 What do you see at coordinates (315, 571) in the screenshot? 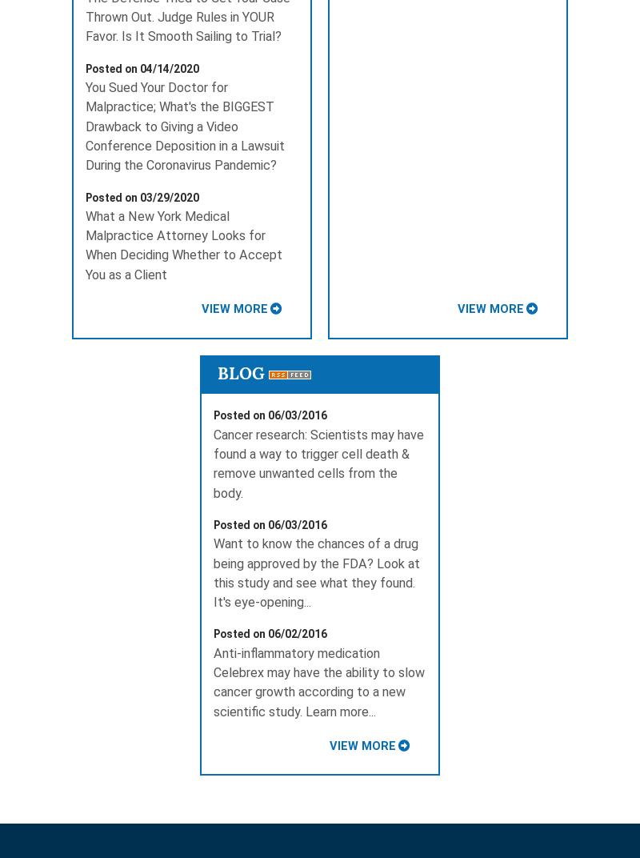
I see `'Want to know the chances of a drug being approved by the FDA? Look at this study and see what they found. It's eye-opening...'` at bounding box center [315, 571].